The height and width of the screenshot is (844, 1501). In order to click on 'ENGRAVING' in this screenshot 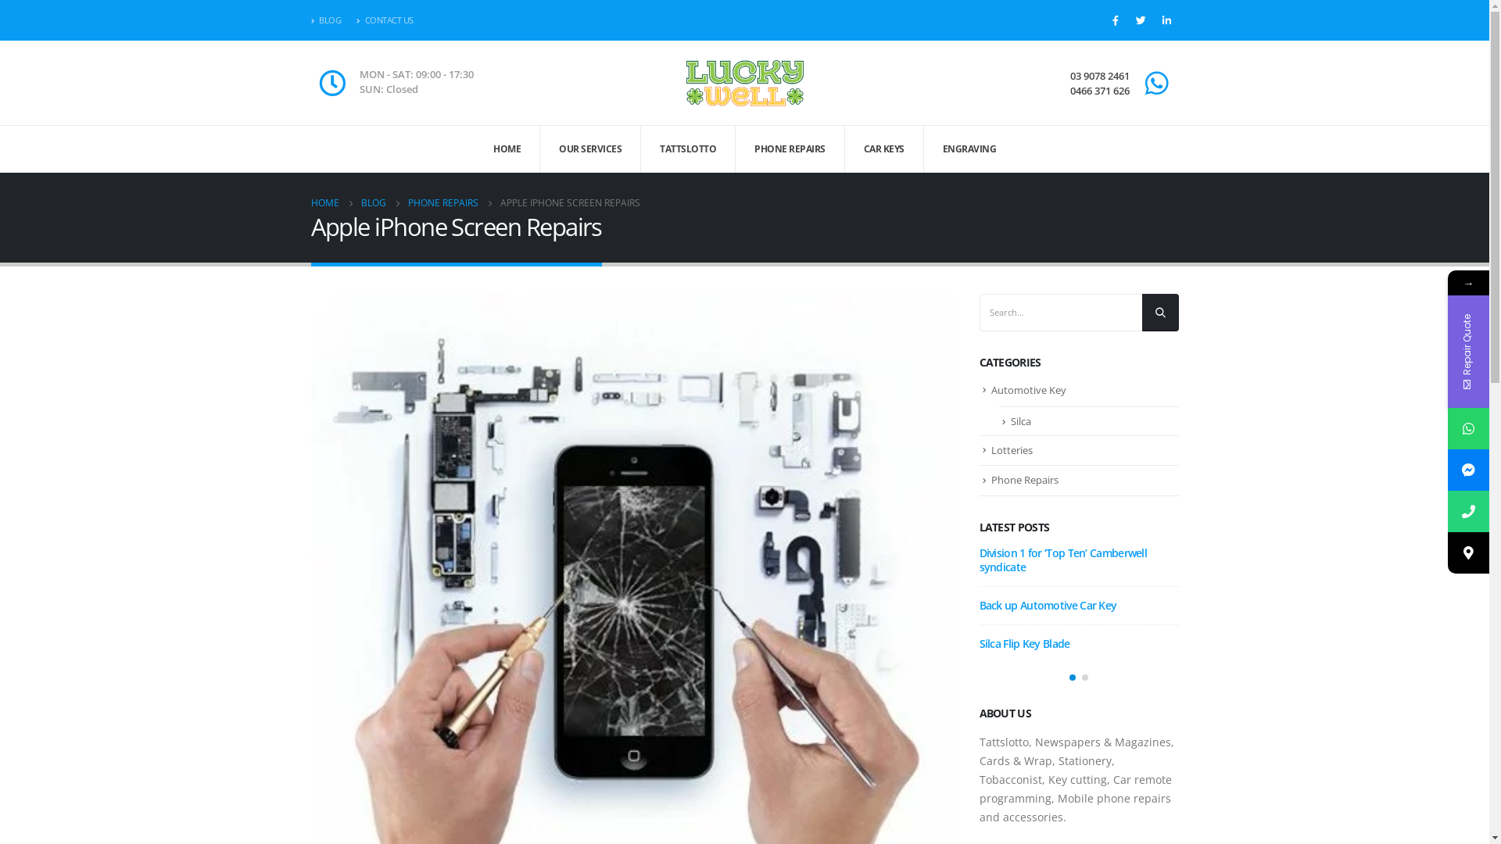, I will do `click(923, 149)`.